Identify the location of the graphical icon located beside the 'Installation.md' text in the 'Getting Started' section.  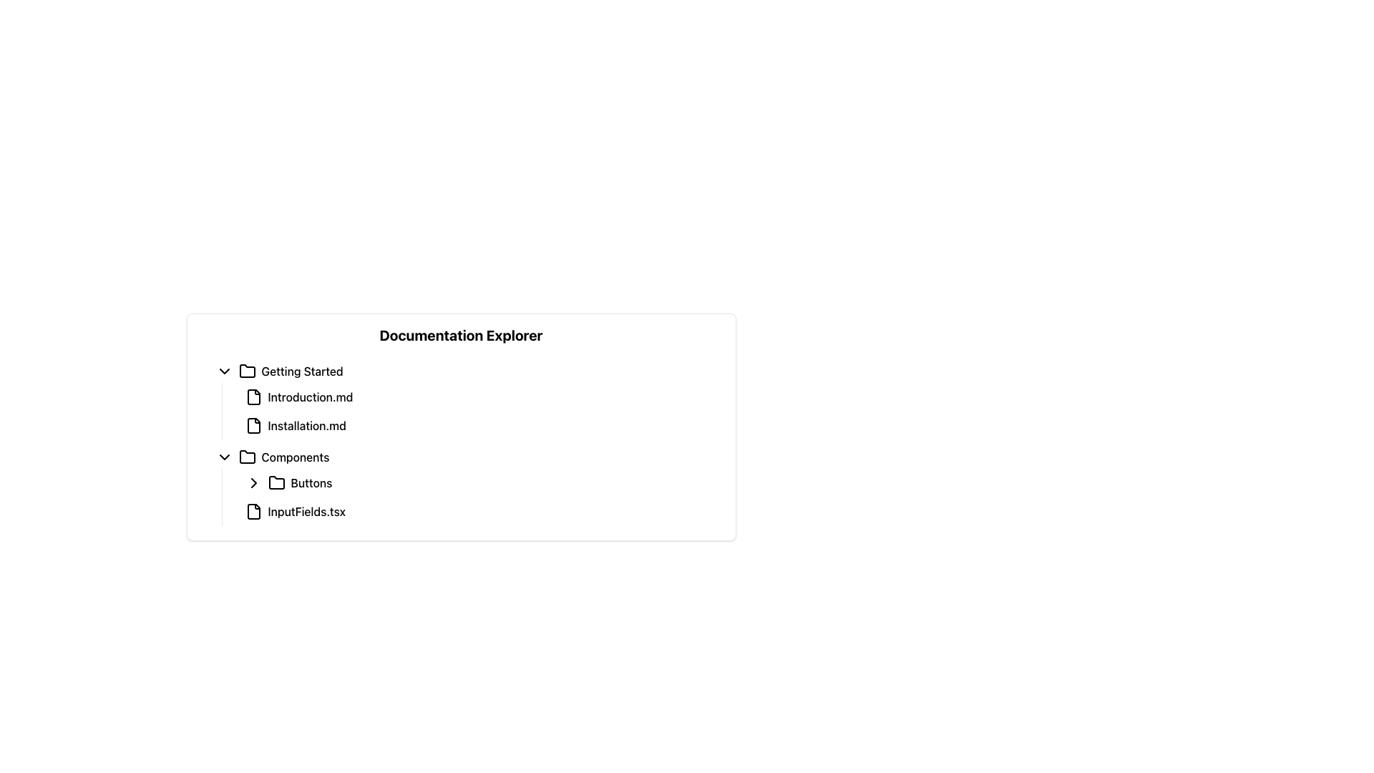
(253, 424).